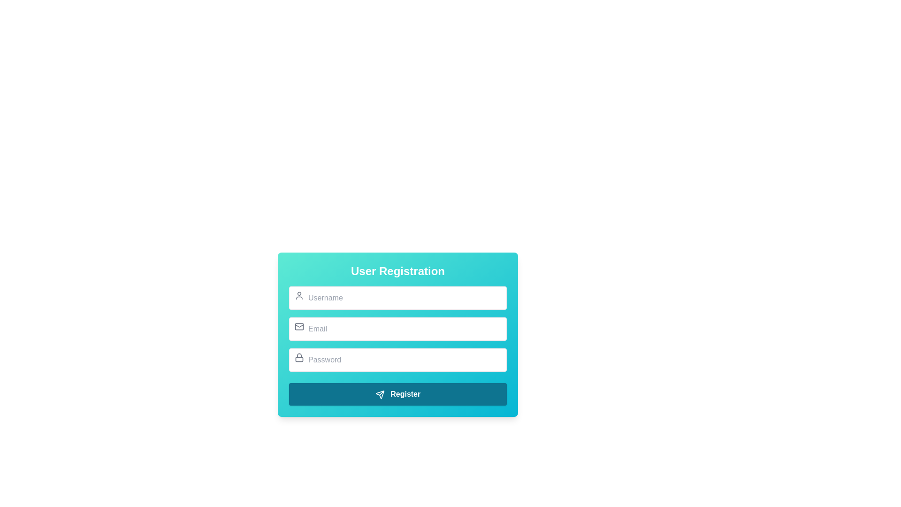 This screenshot has height=507, width=901. I want to click on the small rectangular shape with rounded corners that is part of the lock icon graphic, located in the lower portion of the lock, to the left of the 'Password' input field in the 'User Registration' form, so click(299, 359).